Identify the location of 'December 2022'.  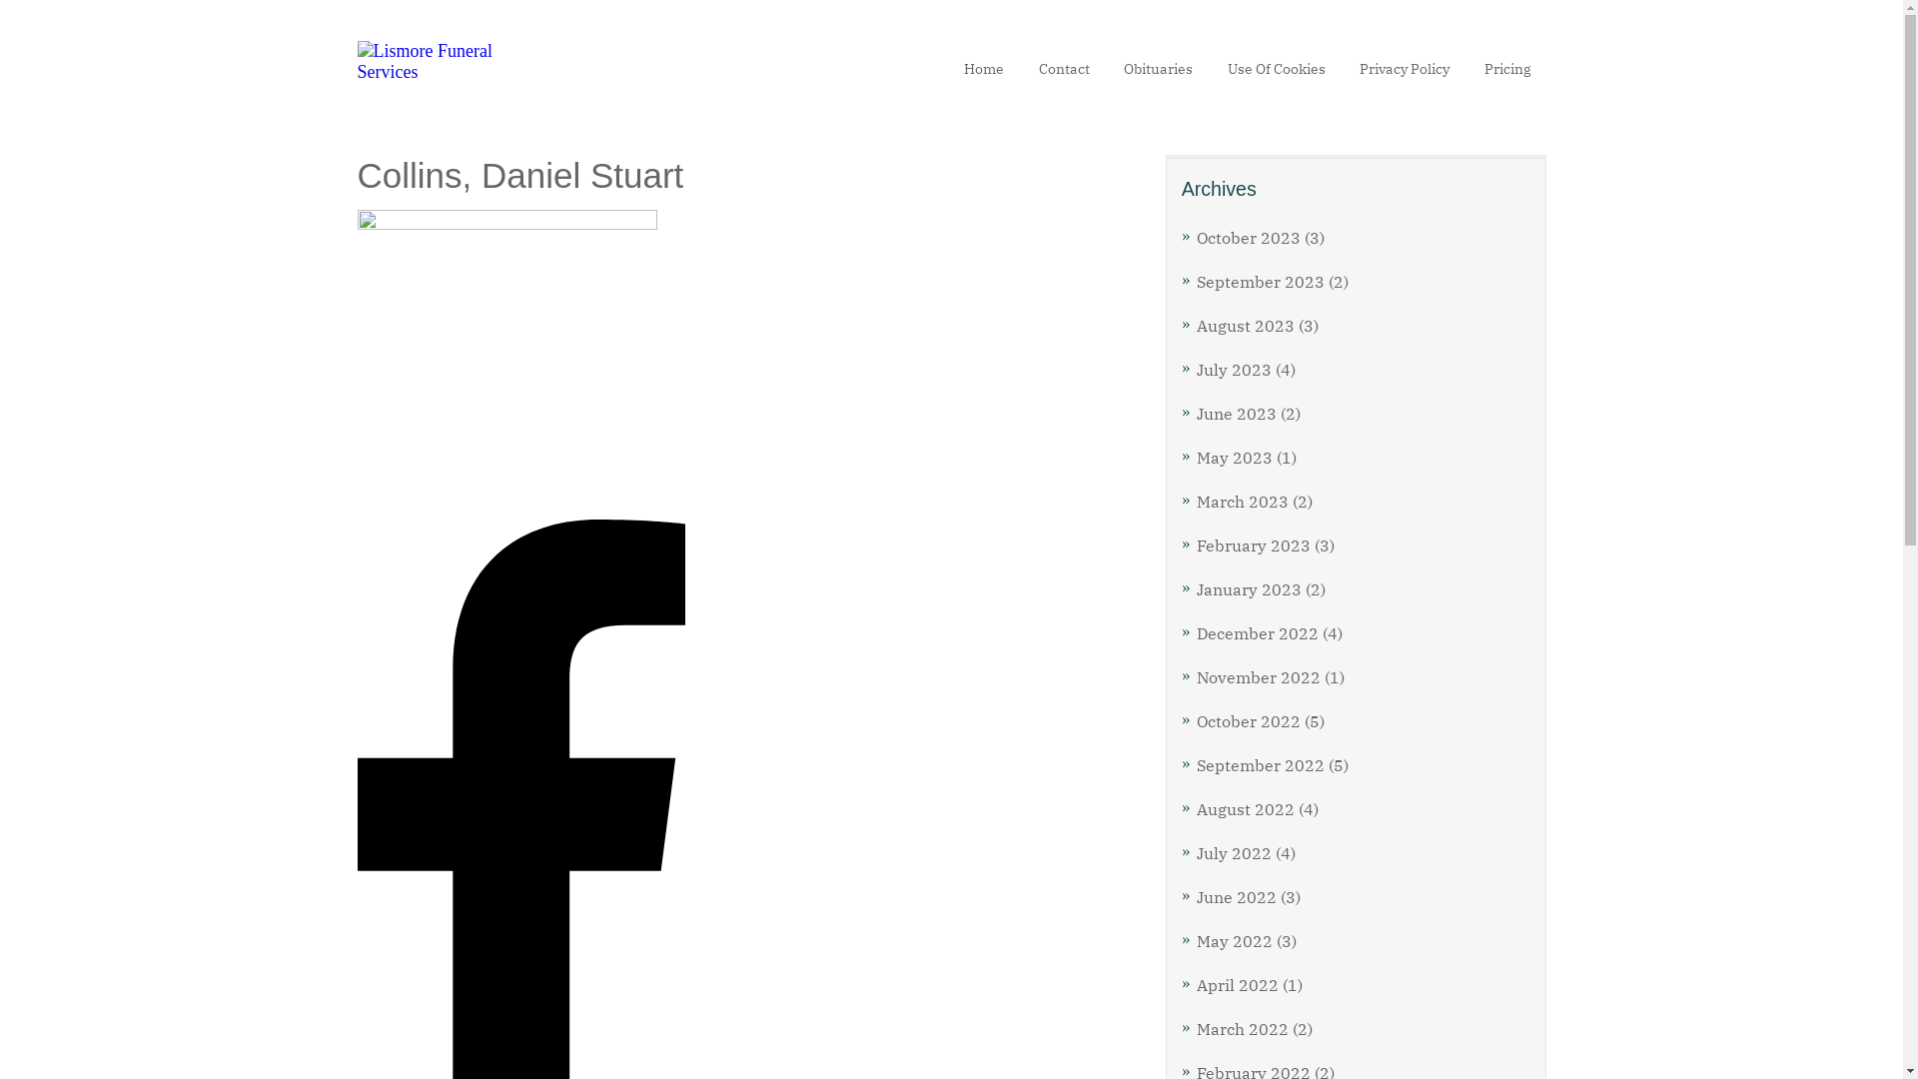
(1256, 632).